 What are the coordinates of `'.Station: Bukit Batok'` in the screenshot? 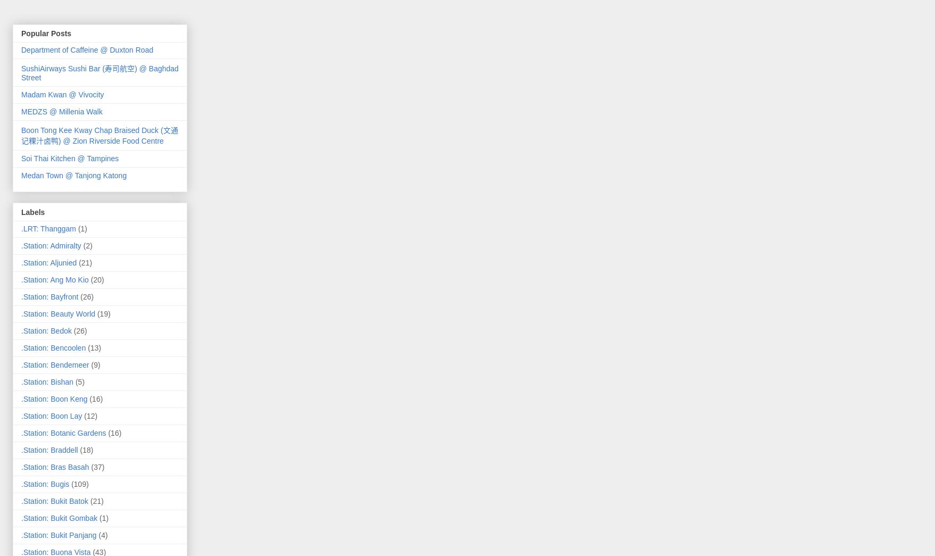 It's located at (55, 500).